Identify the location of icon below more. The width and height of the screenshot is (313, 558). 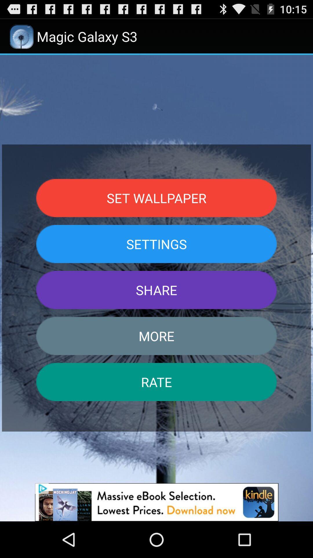
(156, 382).